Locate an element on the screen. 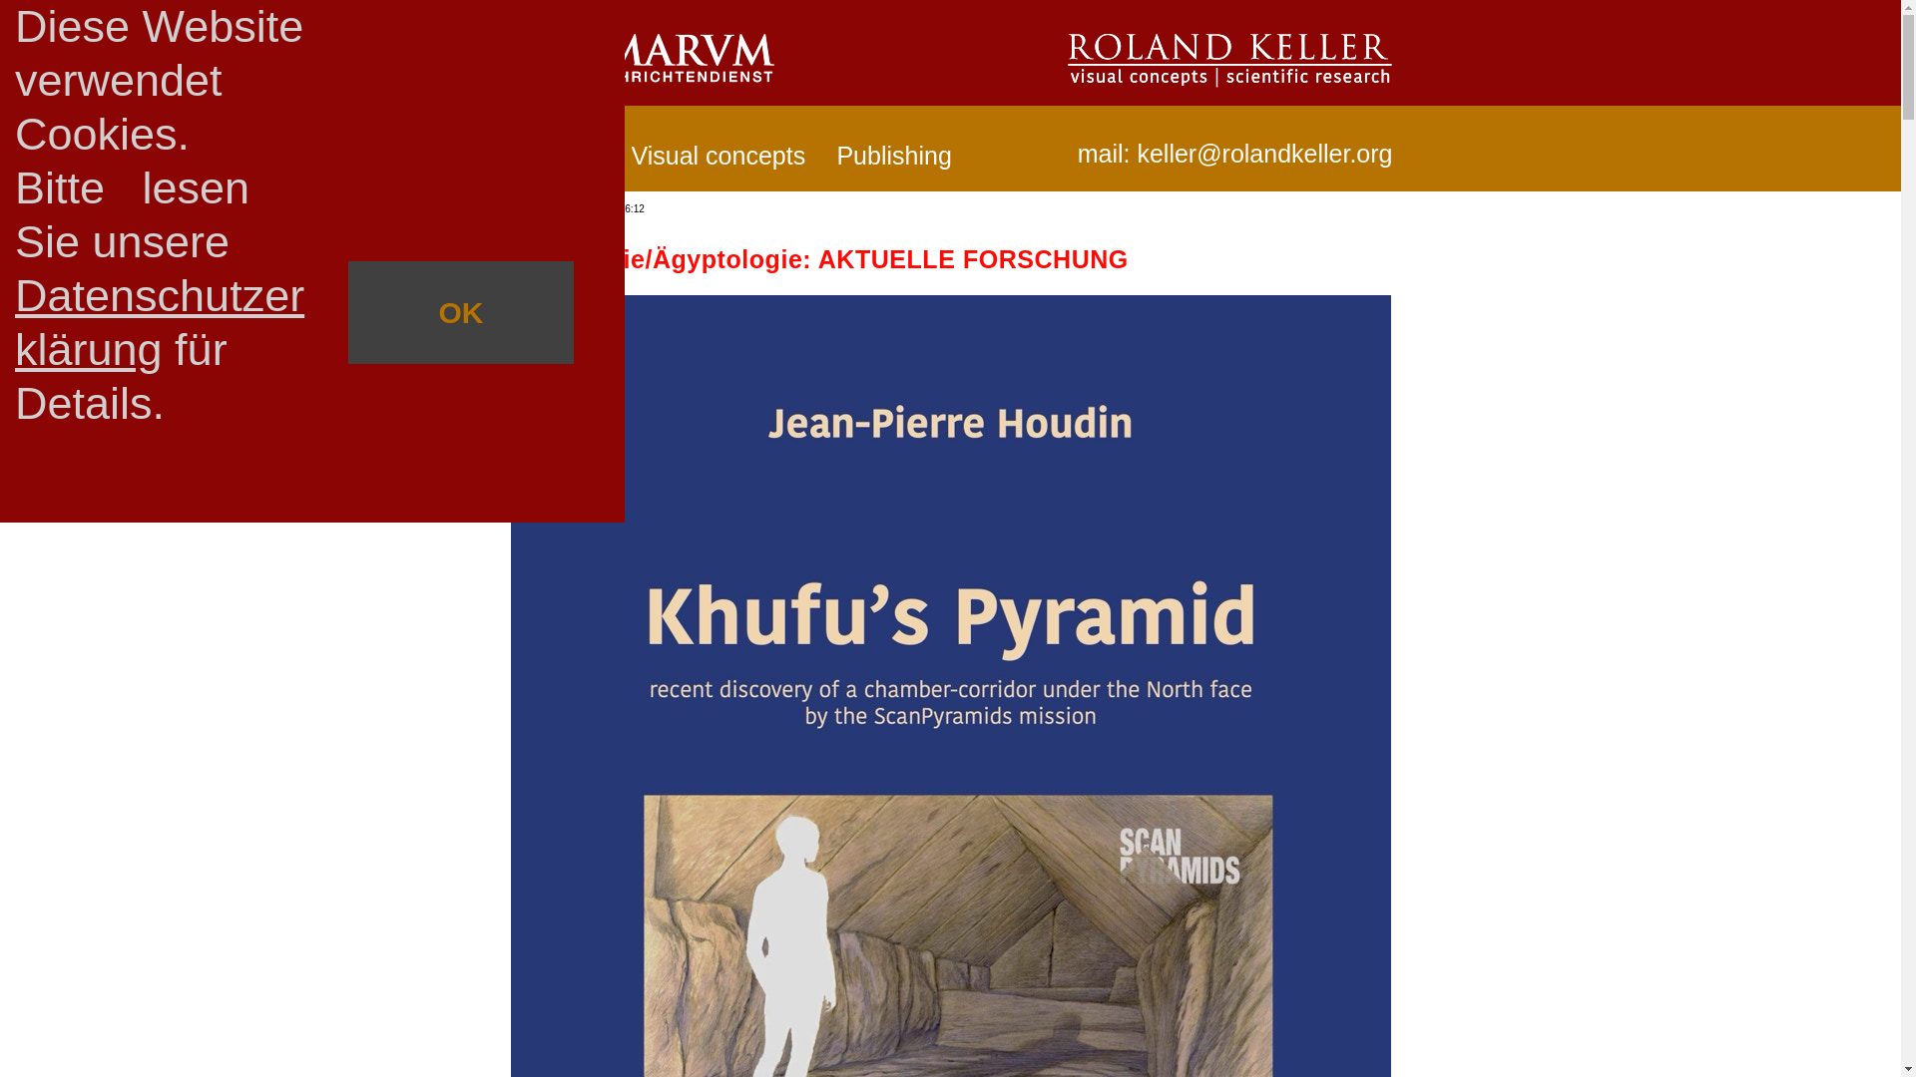  'ktualisiert:' is located at coordinates (541, 208).